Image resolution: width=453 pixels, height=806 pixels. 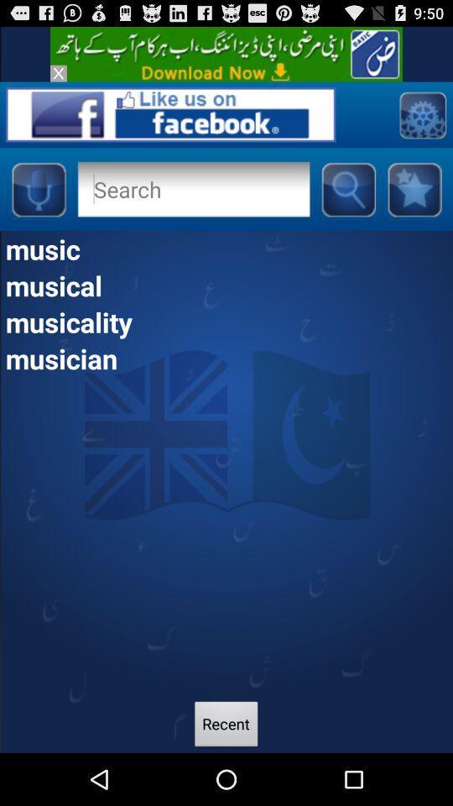 I want to click on to like on facebook, so click(x=169, y=113).